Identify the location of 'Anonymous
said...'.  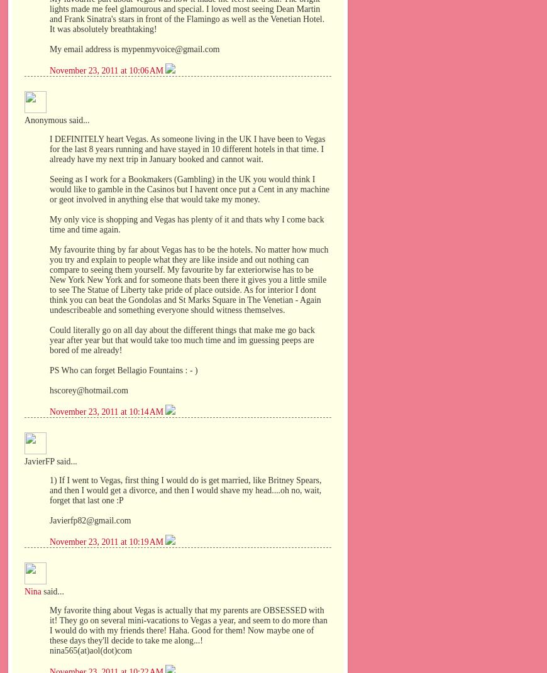
(23, 119).